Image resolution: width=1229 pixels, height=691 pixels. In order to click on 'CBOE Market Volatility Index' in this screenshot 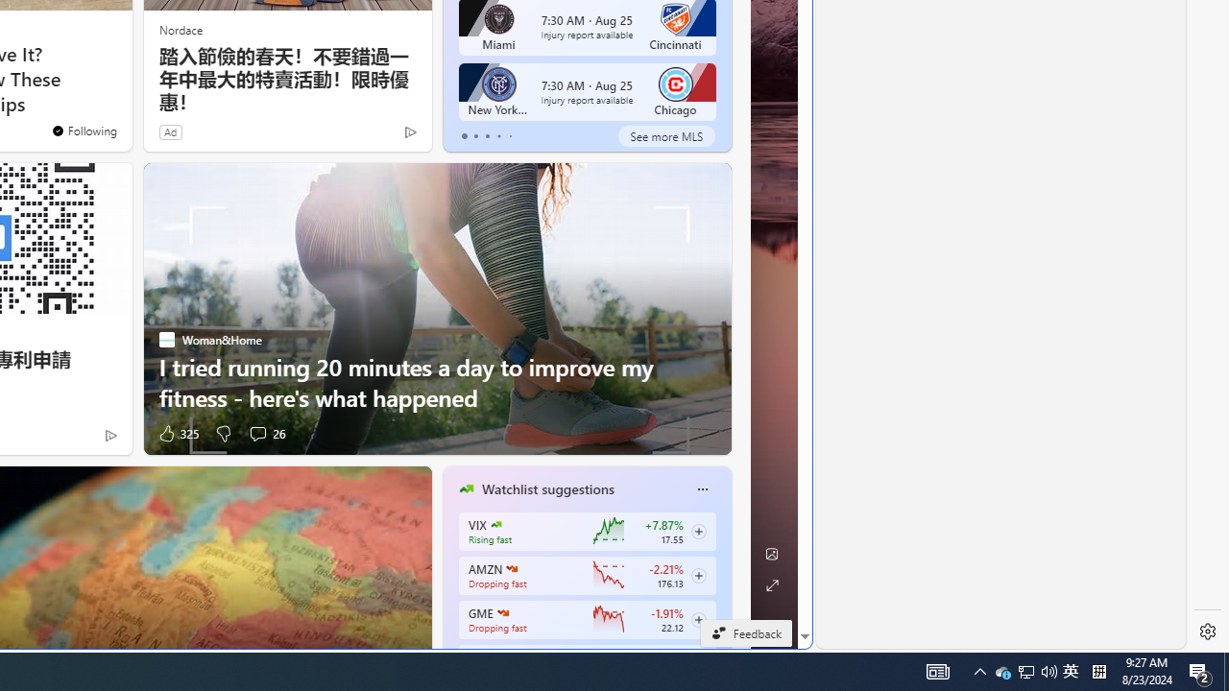, I will do `click(495, 524)`.